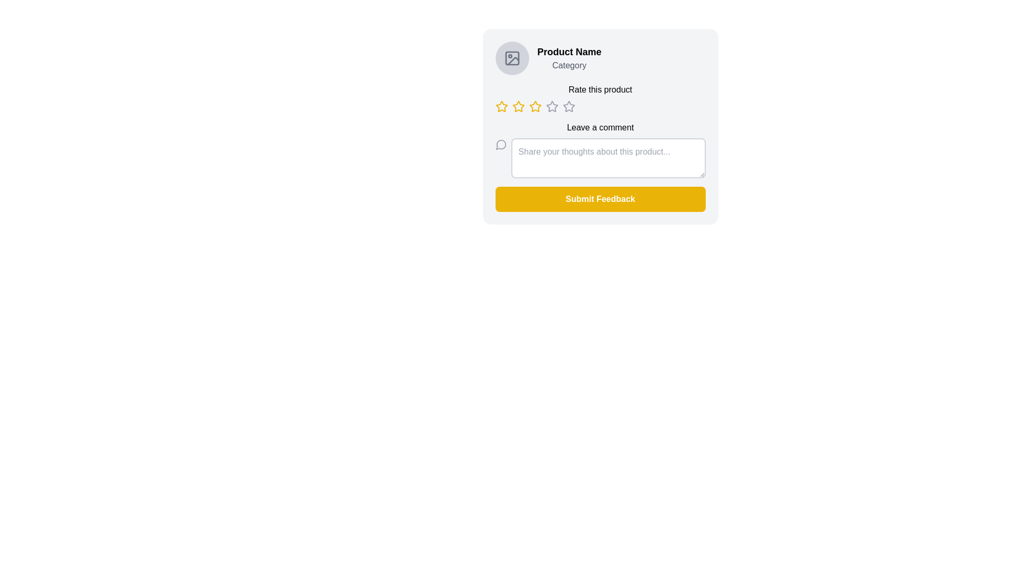 The width and height of the screenshot is (1009, 568). Describe the element at coordinates (518, 106) in the screenshot. I see `the second yellow star icon in the rating system` at that location.